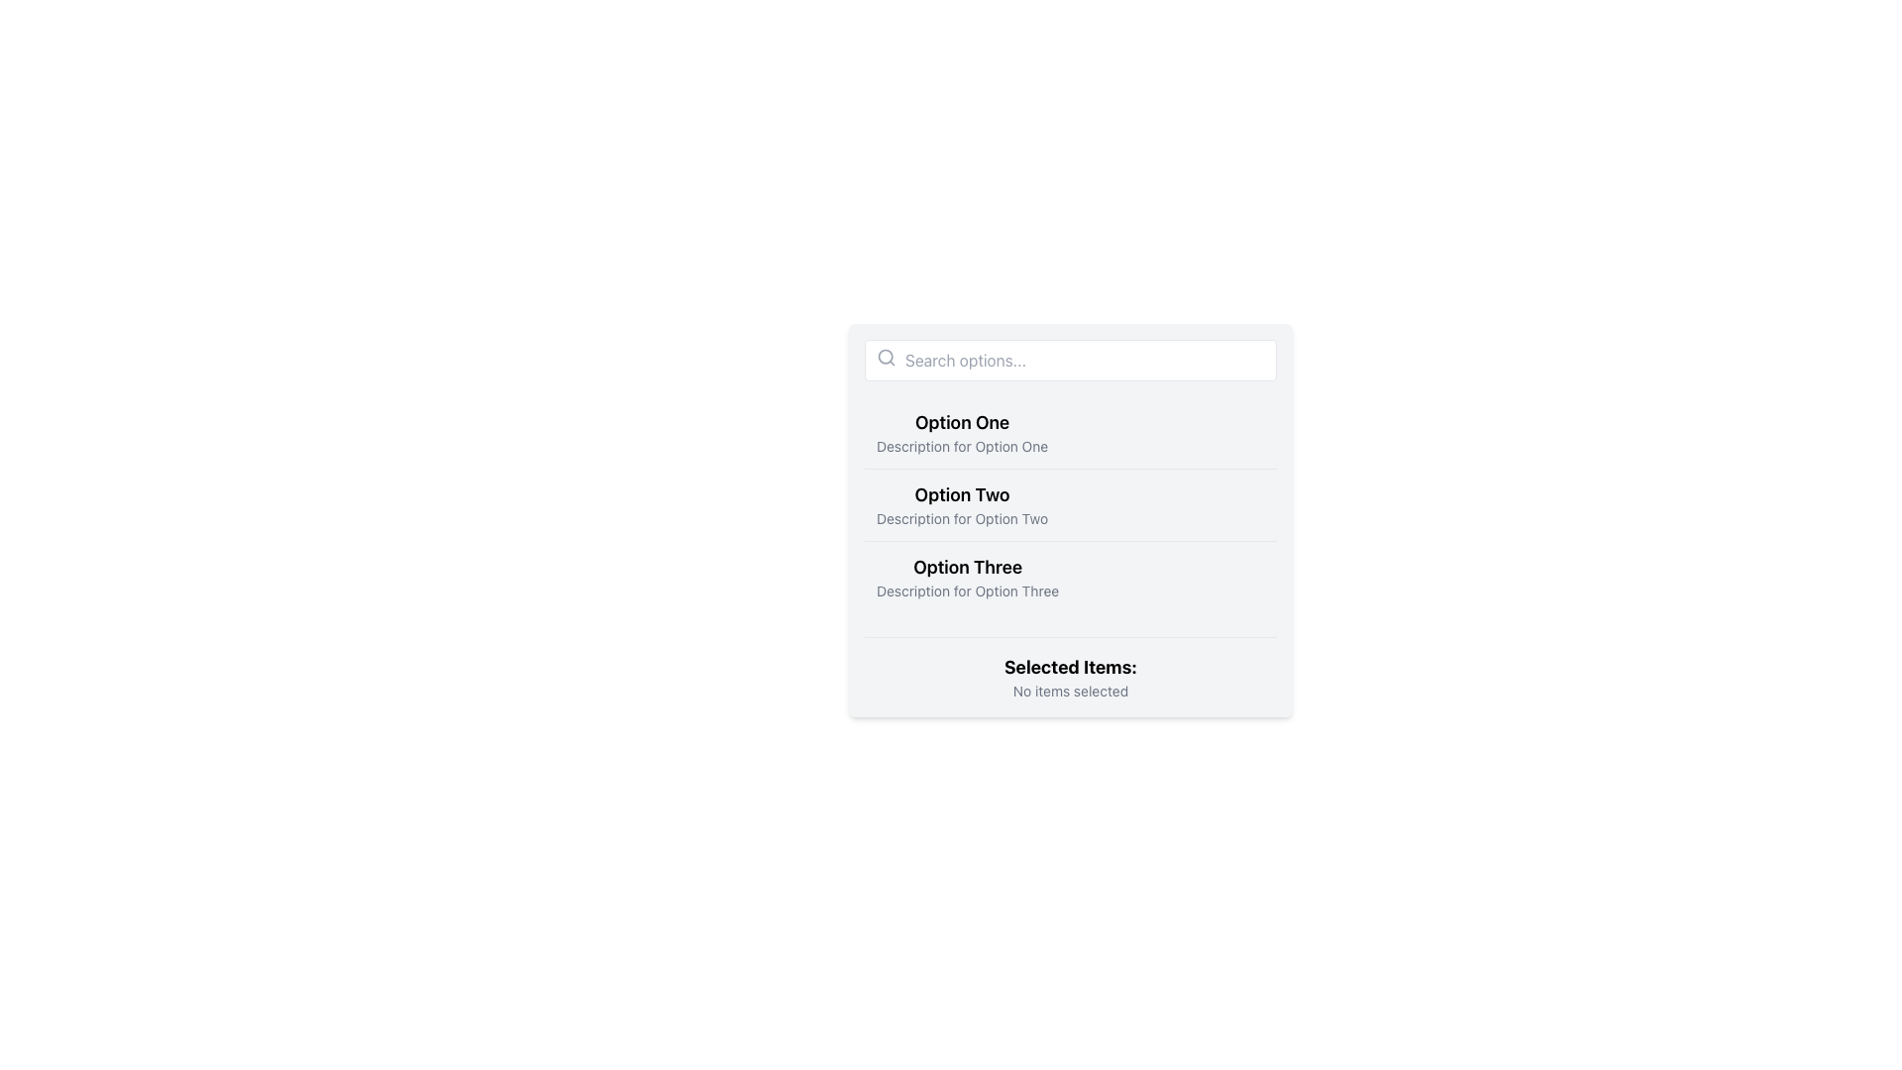 This screenshot has height=1070, width=1902. Describe the element at coordinates (968, 577) in the screenshot. I see `the third selectable option, labeled 'Option Three', in the dropdown menu` at that location.